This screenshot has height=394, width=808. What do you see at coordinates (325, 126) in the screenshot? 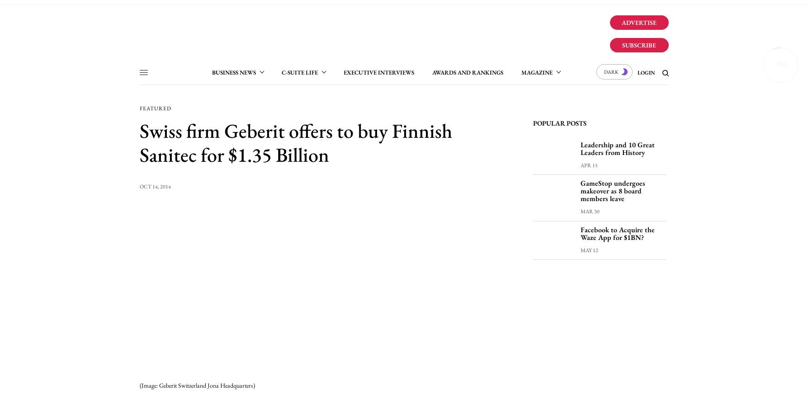
I see `'Energy'` at bounding box center [325, 126].